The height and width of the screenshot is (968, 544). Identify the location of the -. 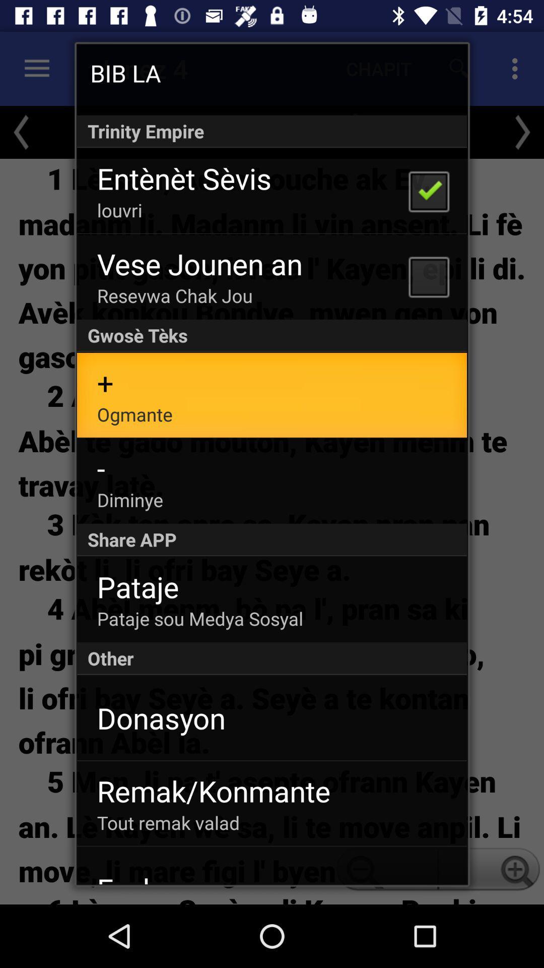
(101, 467).